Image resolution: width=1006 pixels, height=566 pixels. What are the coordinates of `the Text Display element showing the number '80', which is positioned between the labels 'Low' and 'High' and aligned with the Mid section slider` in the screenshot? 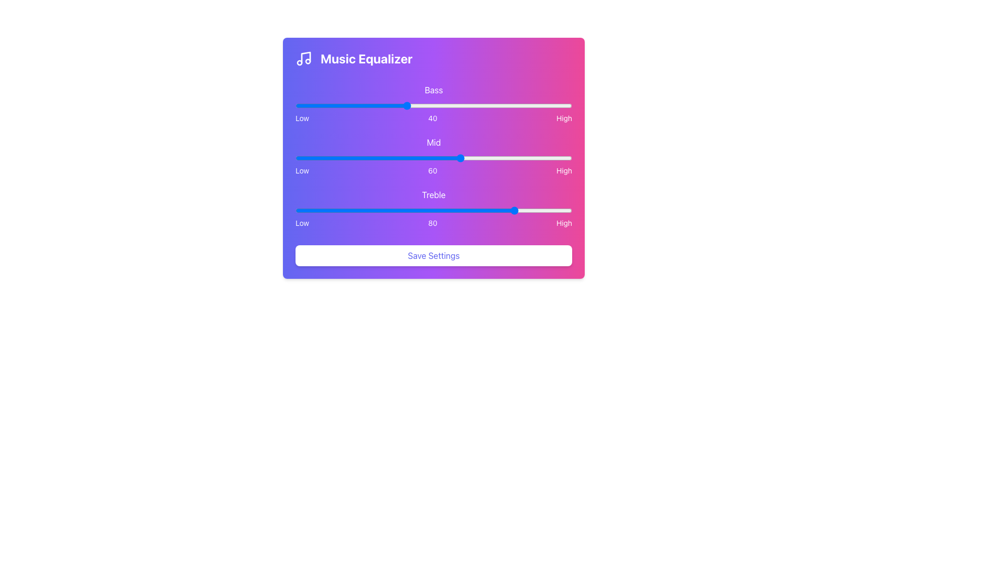 It's located at (432, 222).